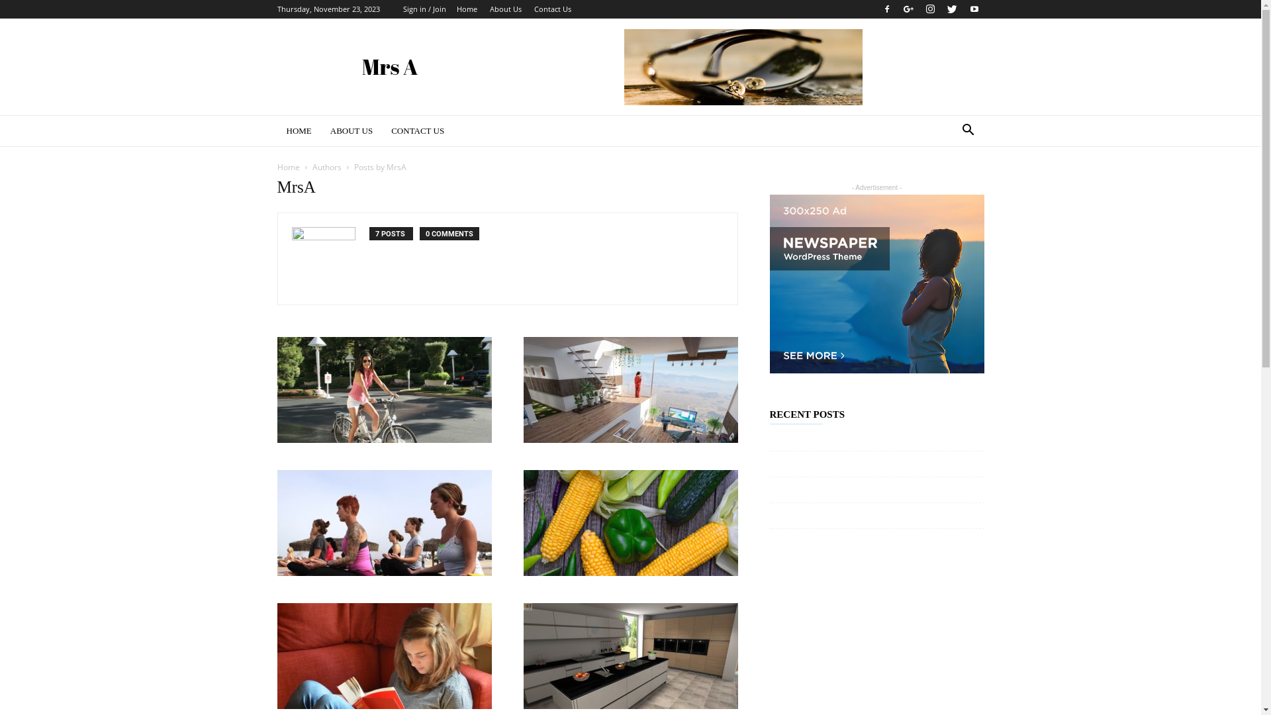 The height and width of the screenshot is (715, 1271). I want to click on 'Twitter', so click(952, 9).